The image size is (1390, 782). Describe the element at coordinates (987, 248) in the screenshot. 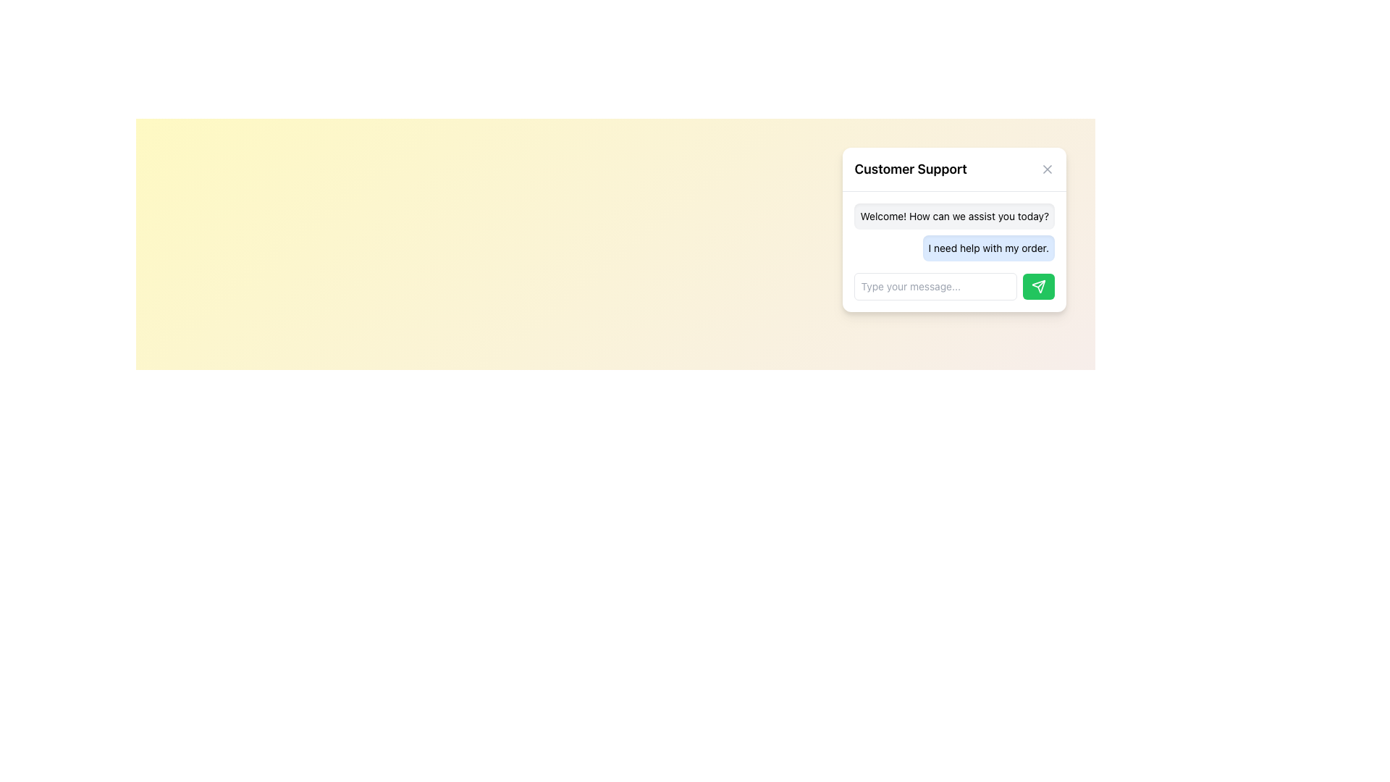

I see `the blue speech bubble containing the text 'I need help with my order.'` at that location.